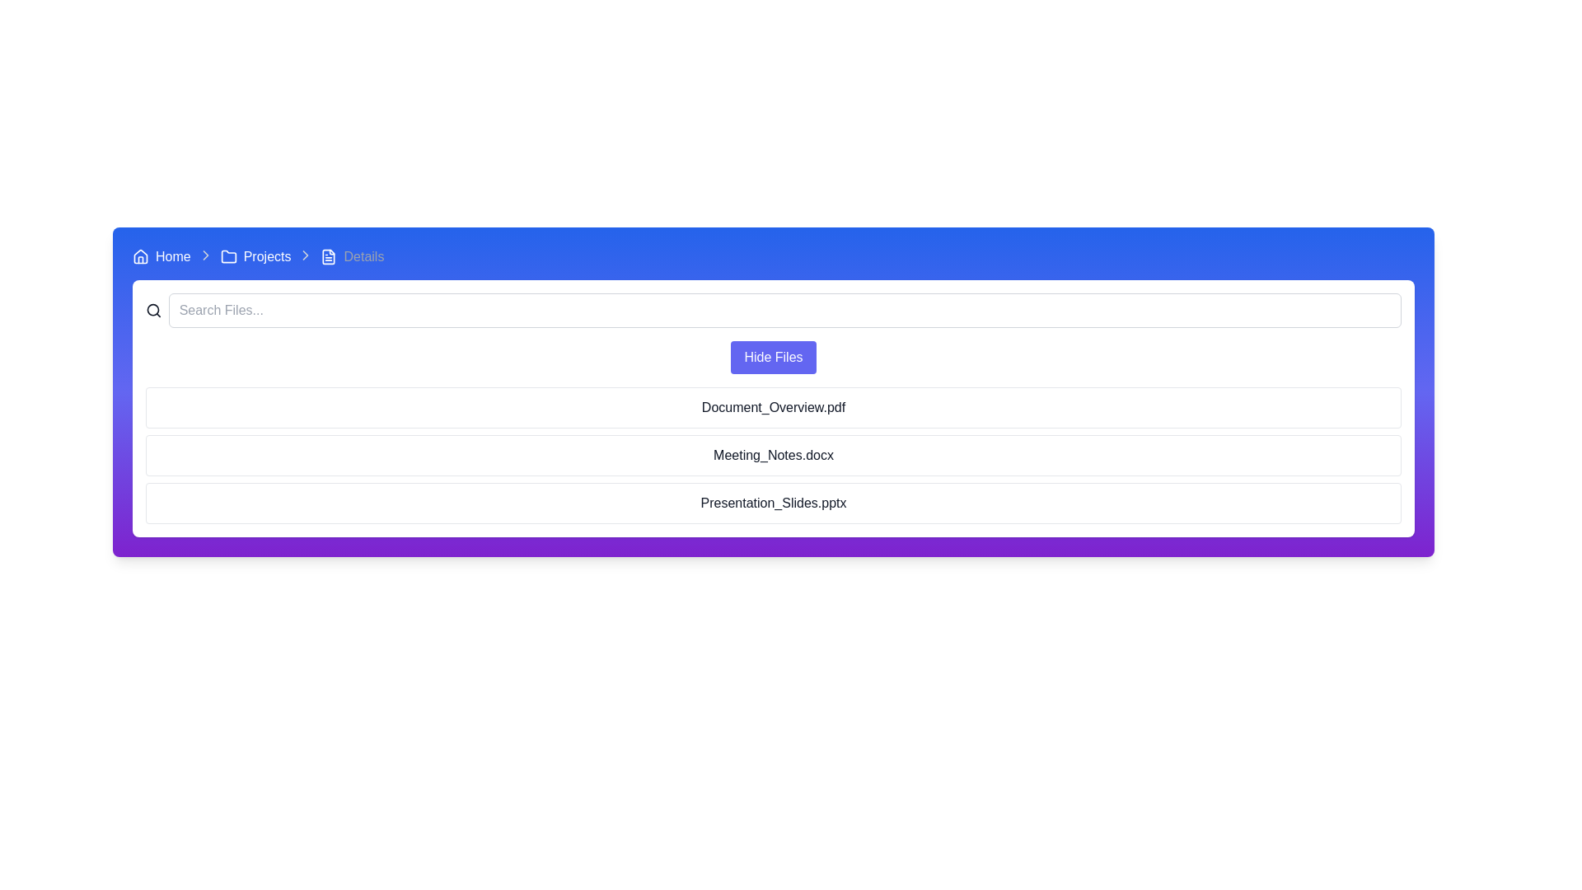 The image size is (1582, 890). Describe the element at coordinates (773, 357) in the screenshot. I see `the central toggle button that manages the visibility of the list of files displayed below it` at that location.